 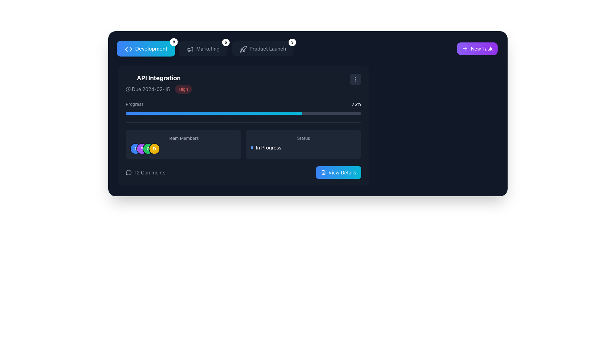 What do you see at coordinates (243, 150) in the screenshot?
I see `the right panel of the information display` at bounding box center [243, 150].